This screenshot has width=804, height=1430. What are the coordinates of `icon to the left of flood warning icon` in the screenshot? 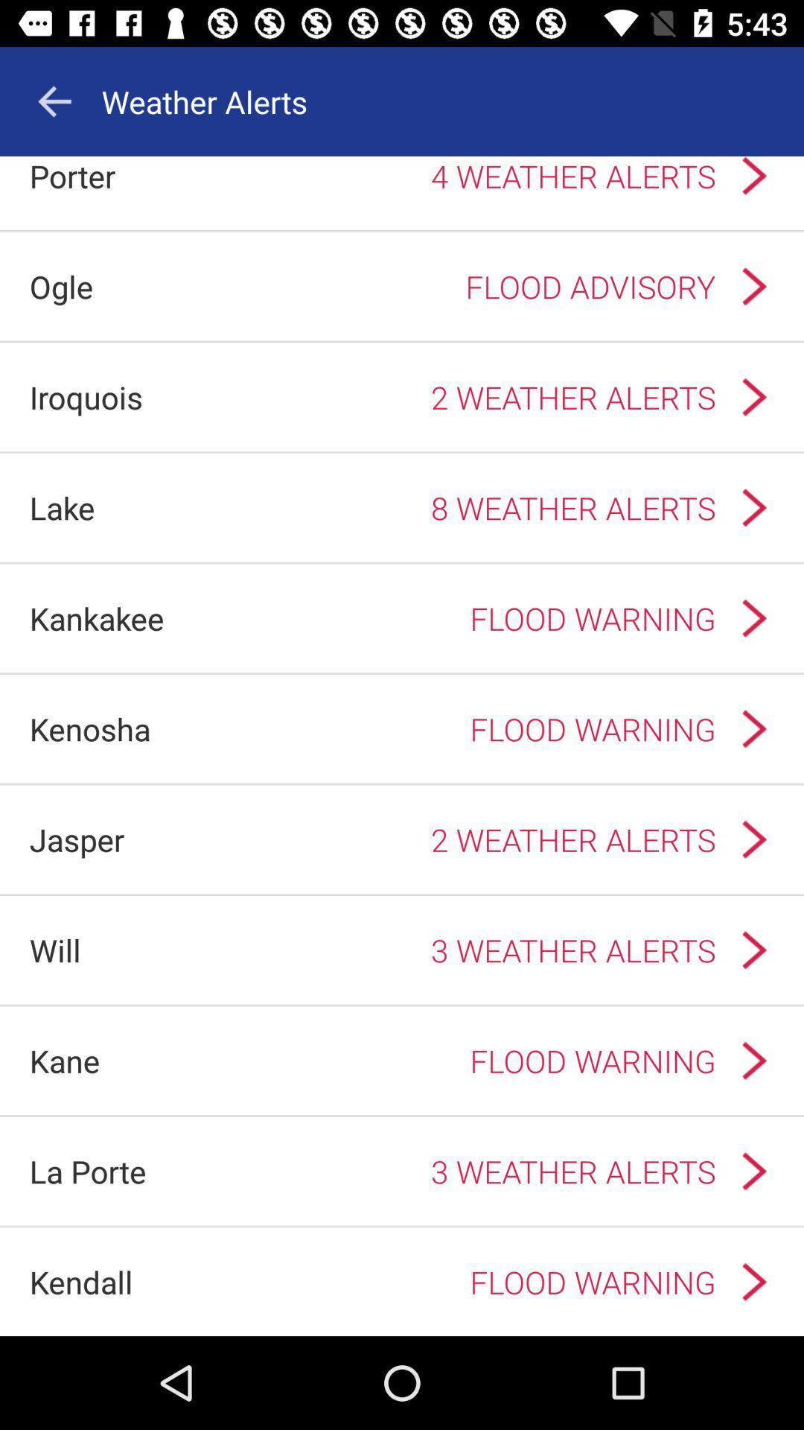 It's located at (97, 618).